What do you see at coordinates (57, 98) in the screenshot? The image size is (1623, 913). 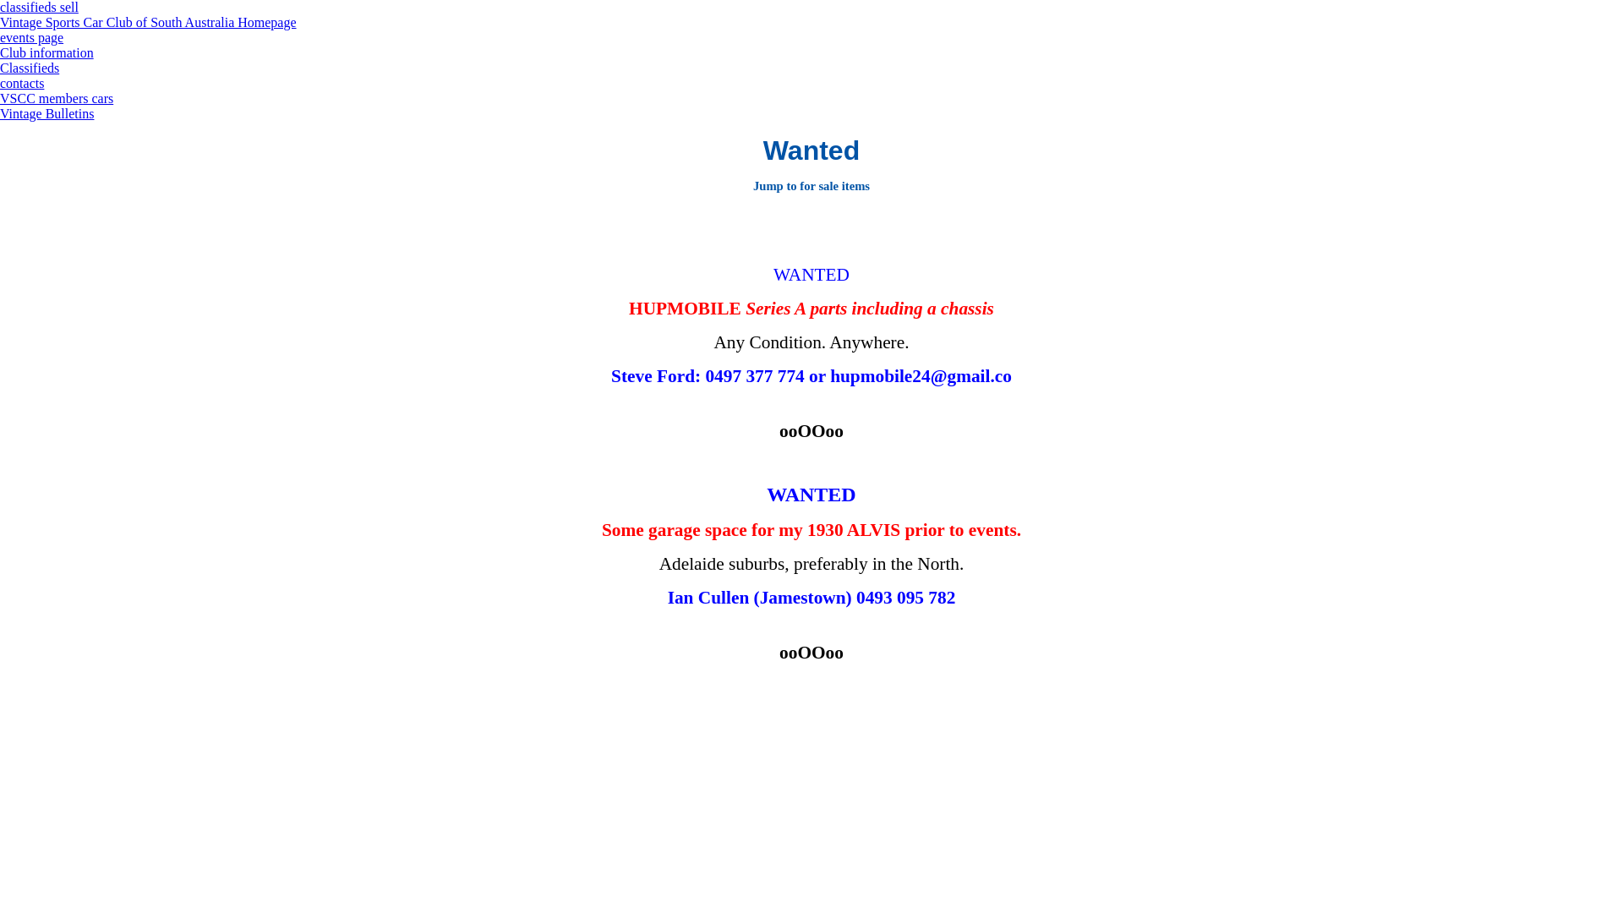 I see `'VSCC members cars'` at bounding box center [57, 98].